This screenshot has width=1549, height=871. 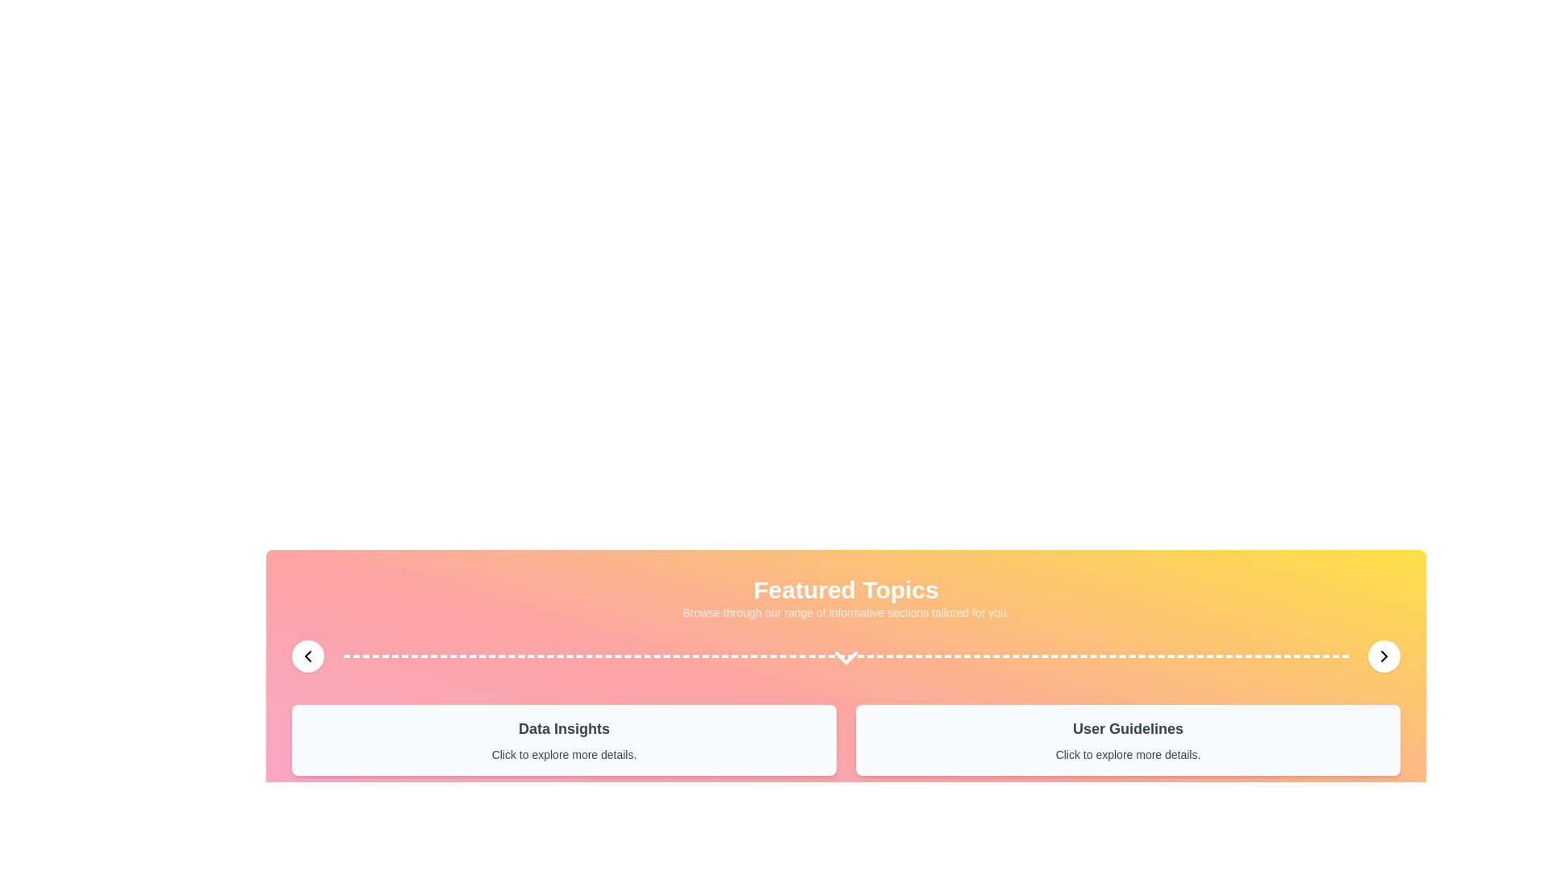 What do you see at coordinates (1127, 728) in the screenshot?
I see `the 'User Guidelines' text label, which is displayed in a bold and slightly larger font, located at the upper section of a rectangular card with a light background` at bounding box center [1127, 728].